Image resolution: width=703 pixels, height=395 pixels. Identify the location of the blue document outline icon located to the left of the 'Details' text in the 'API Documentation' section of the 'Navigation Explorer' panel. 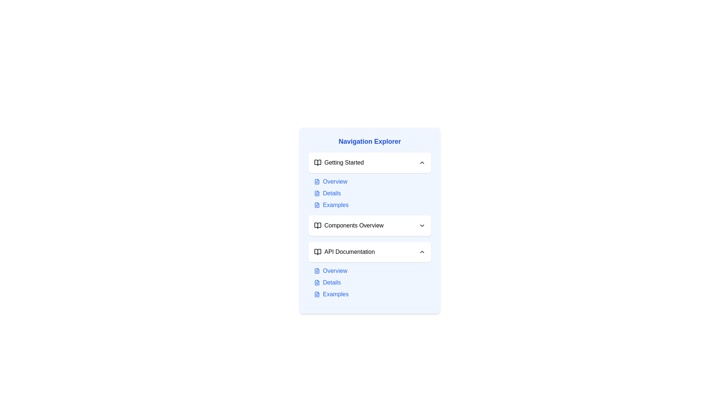
(317, 282).